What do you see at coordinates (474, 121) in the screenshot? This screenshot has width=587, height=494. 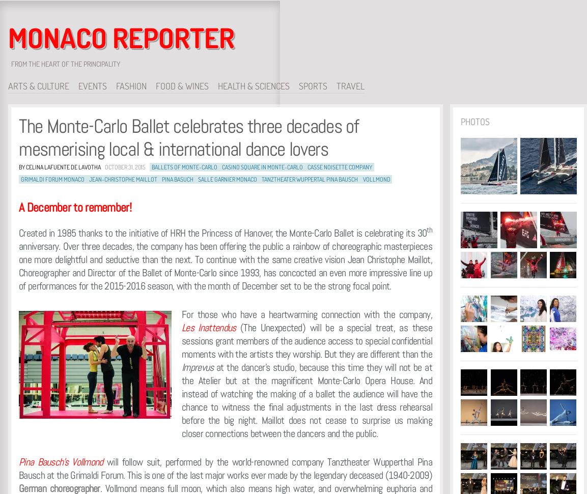 I see `'Photos'` at bounding box center [474, 121].